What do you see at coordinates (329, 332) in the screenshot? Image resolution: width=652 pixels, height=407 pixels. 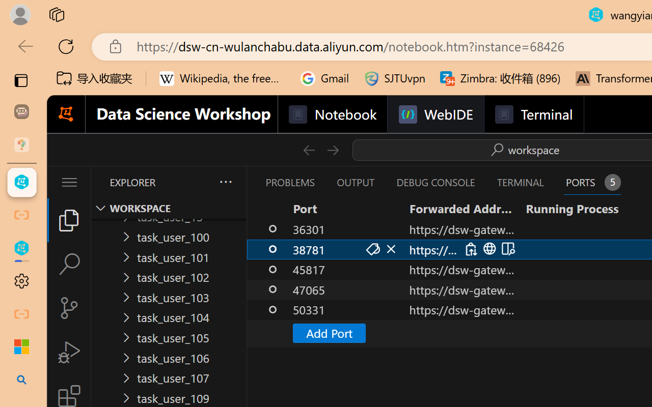 I see `'Add Port'` at bounding box center [329, 332].